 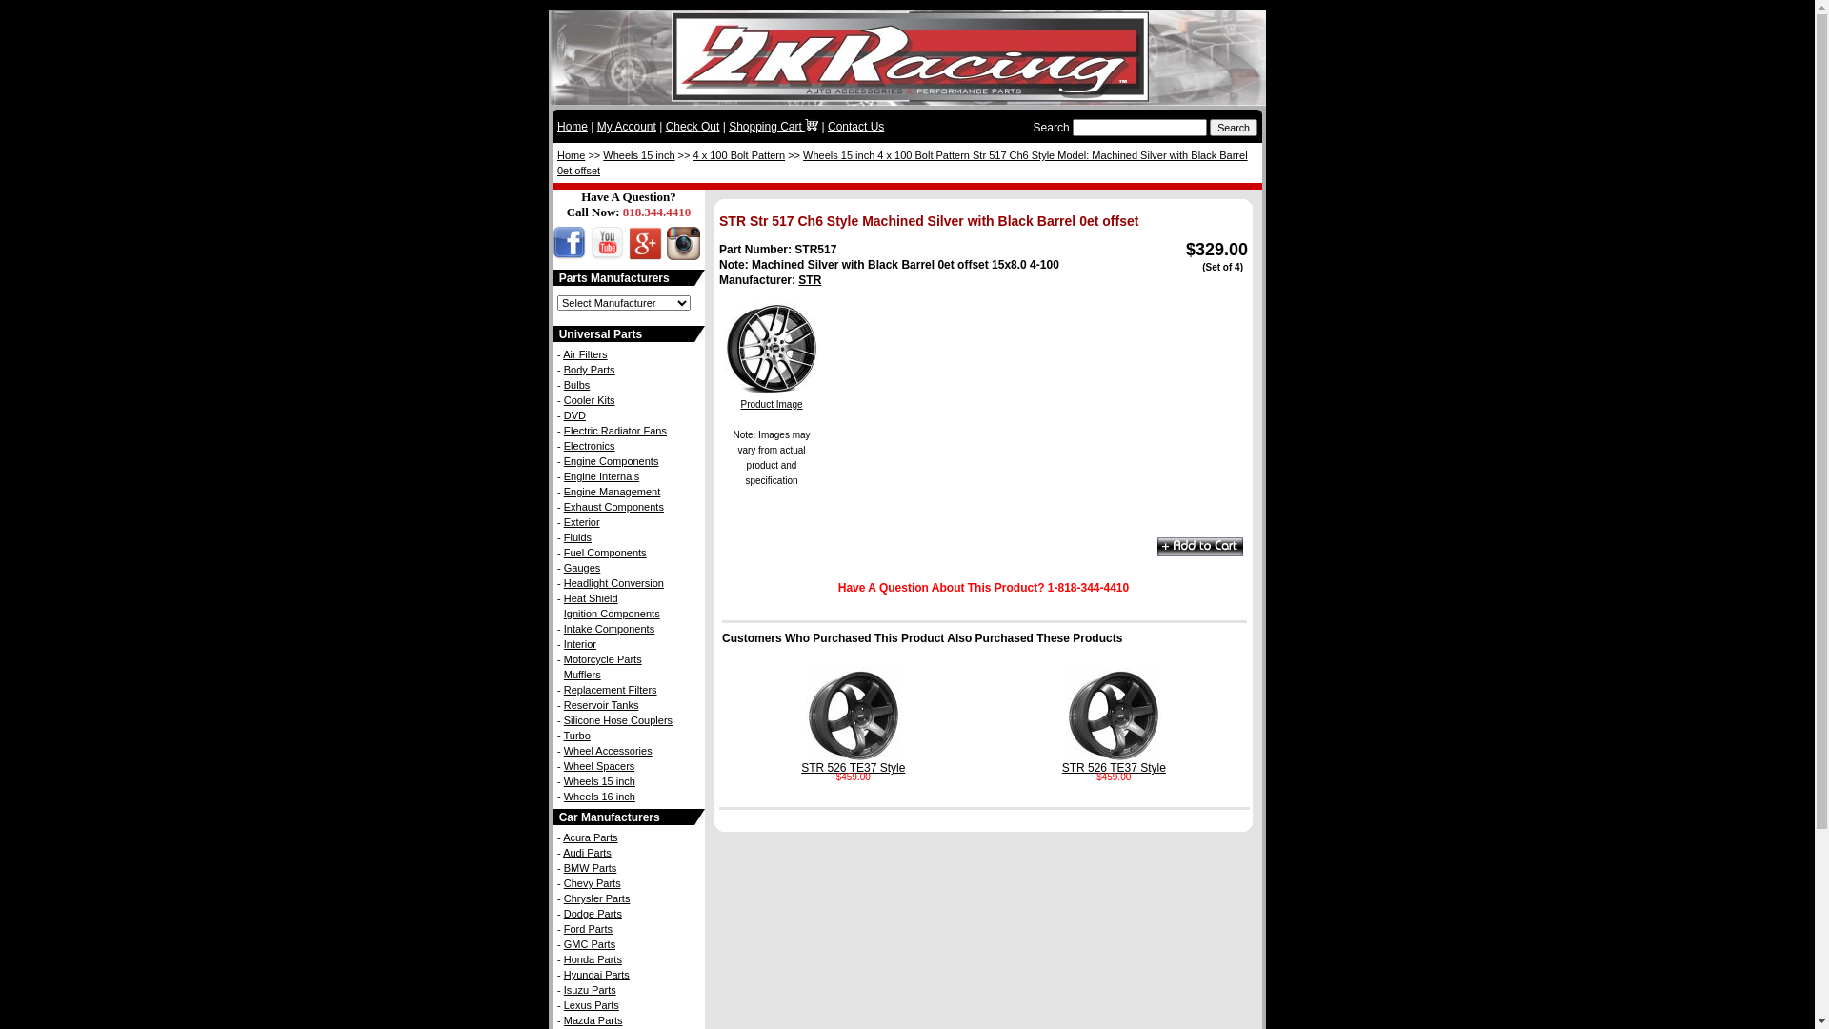 What do you see at coordinates (570, 153) in the screenshot?
I see `'Home'` at bounding box center [570, 153].